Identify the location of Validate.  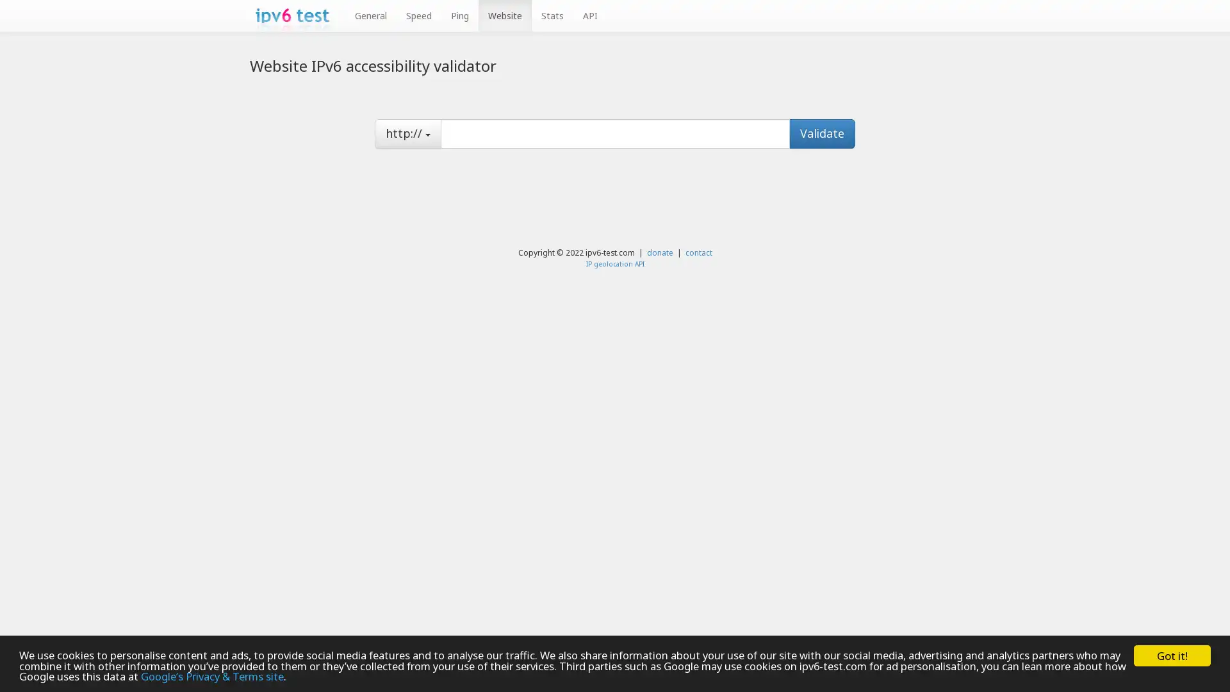
(822, 133).